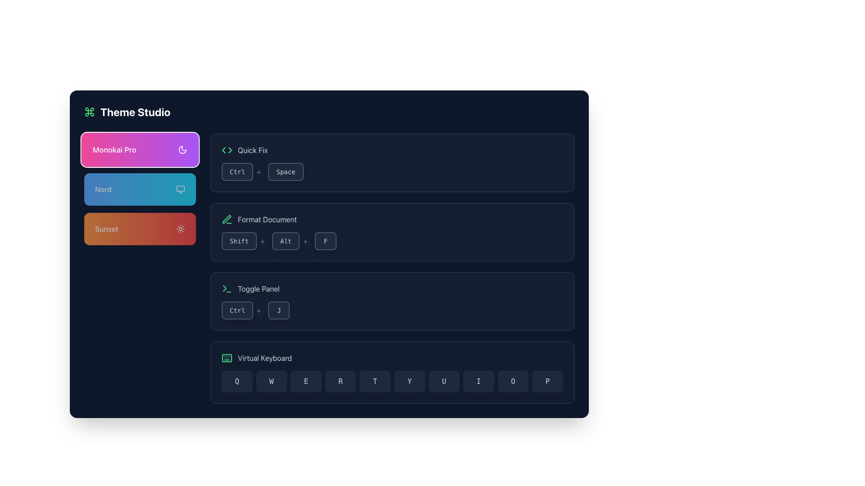  I want to click on the text element indicating the theme name 'Nord', which is located within the second rectangular button featuring a blue gradient background, positioned below the 'Monokai Pro' button and above the 'Sunset' button, so click(103, 189).